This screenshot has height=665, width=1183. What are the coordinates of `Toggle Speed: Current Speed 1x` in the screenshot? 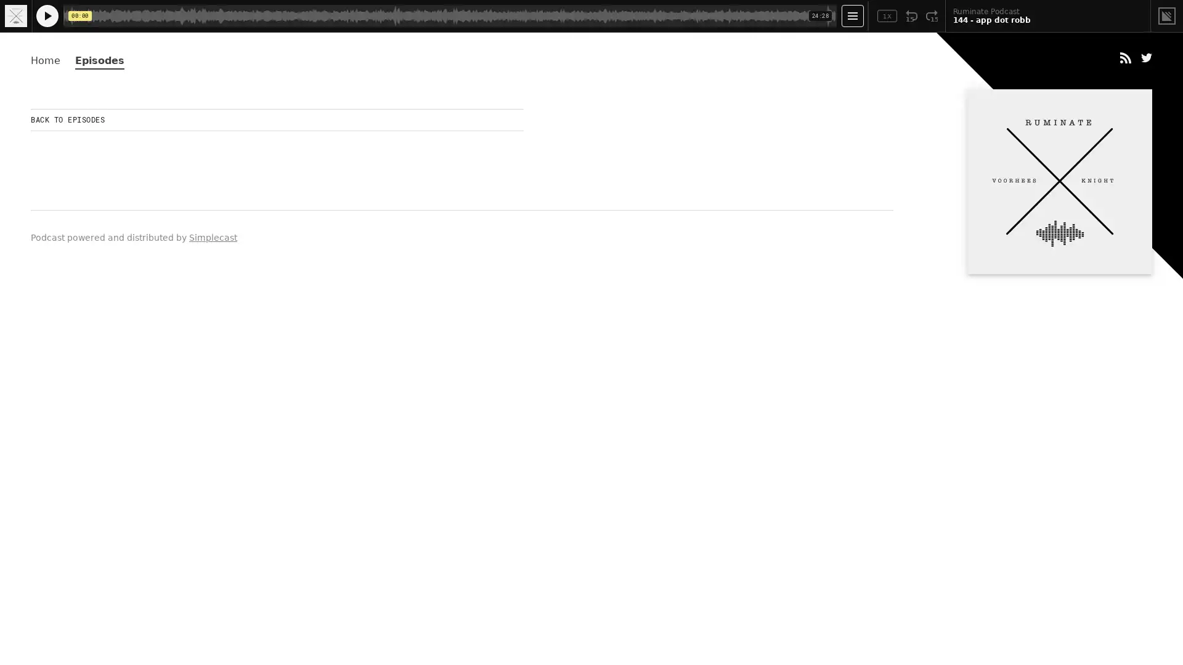 It's located at (887, 16).